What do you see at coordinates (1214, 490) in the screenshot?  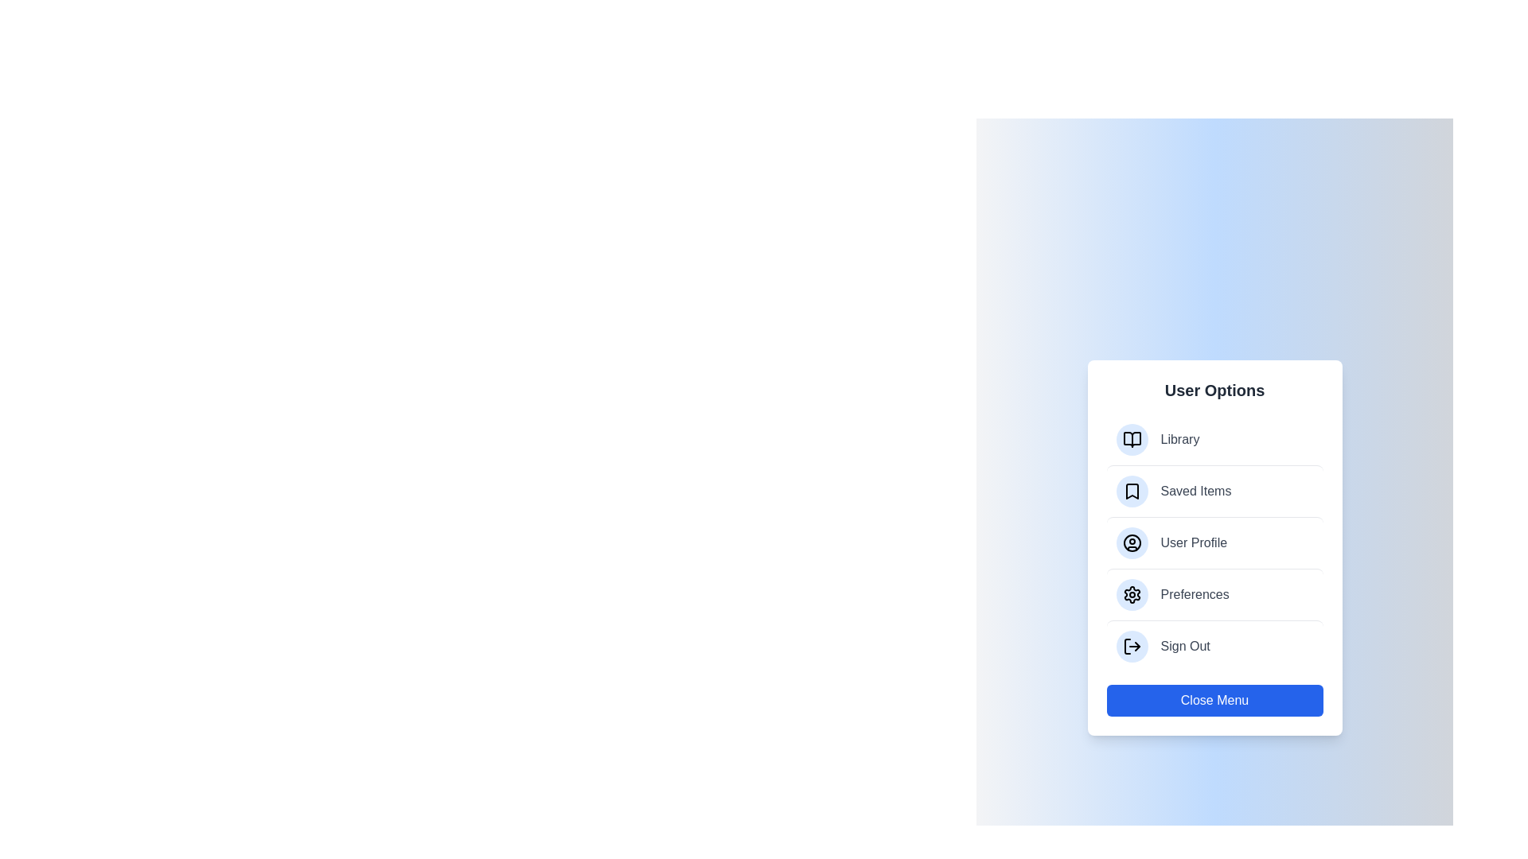 I see `the menu item Saved Items from the ModernUserMenu` at bounding box center [1214, 490].